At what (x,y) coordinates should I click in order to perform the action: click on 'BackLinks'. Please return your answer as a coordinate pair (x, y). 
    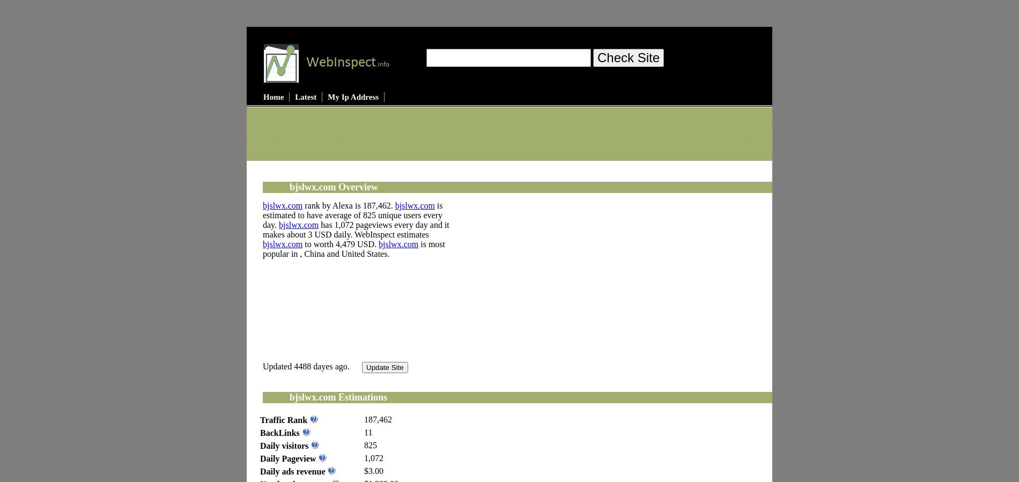
    Looking at the image, I should click on (260, 432).